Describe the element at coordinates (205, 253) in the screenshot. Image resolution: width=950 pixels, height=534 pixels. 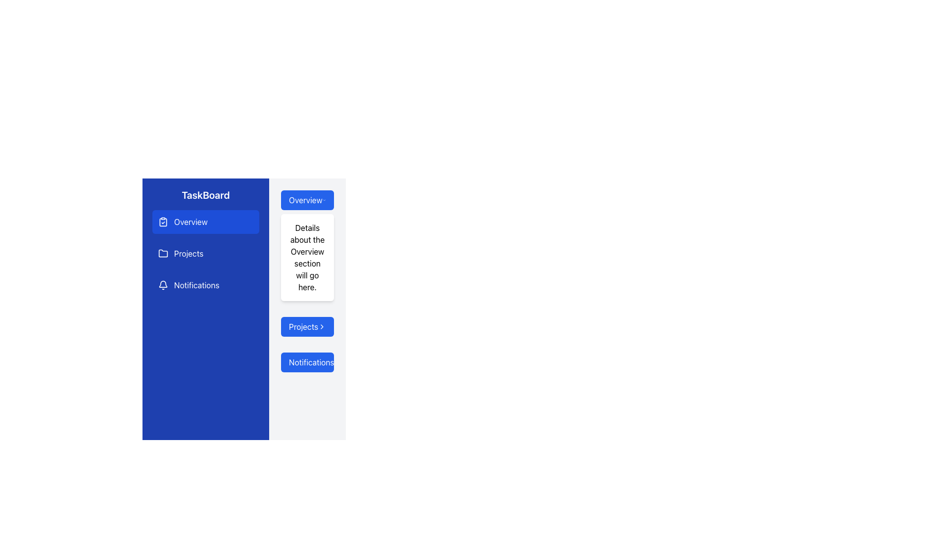
I see `the 'Projects' navigation menu item located in the left-side panel of the interface to trigger the hover effect` at that location.